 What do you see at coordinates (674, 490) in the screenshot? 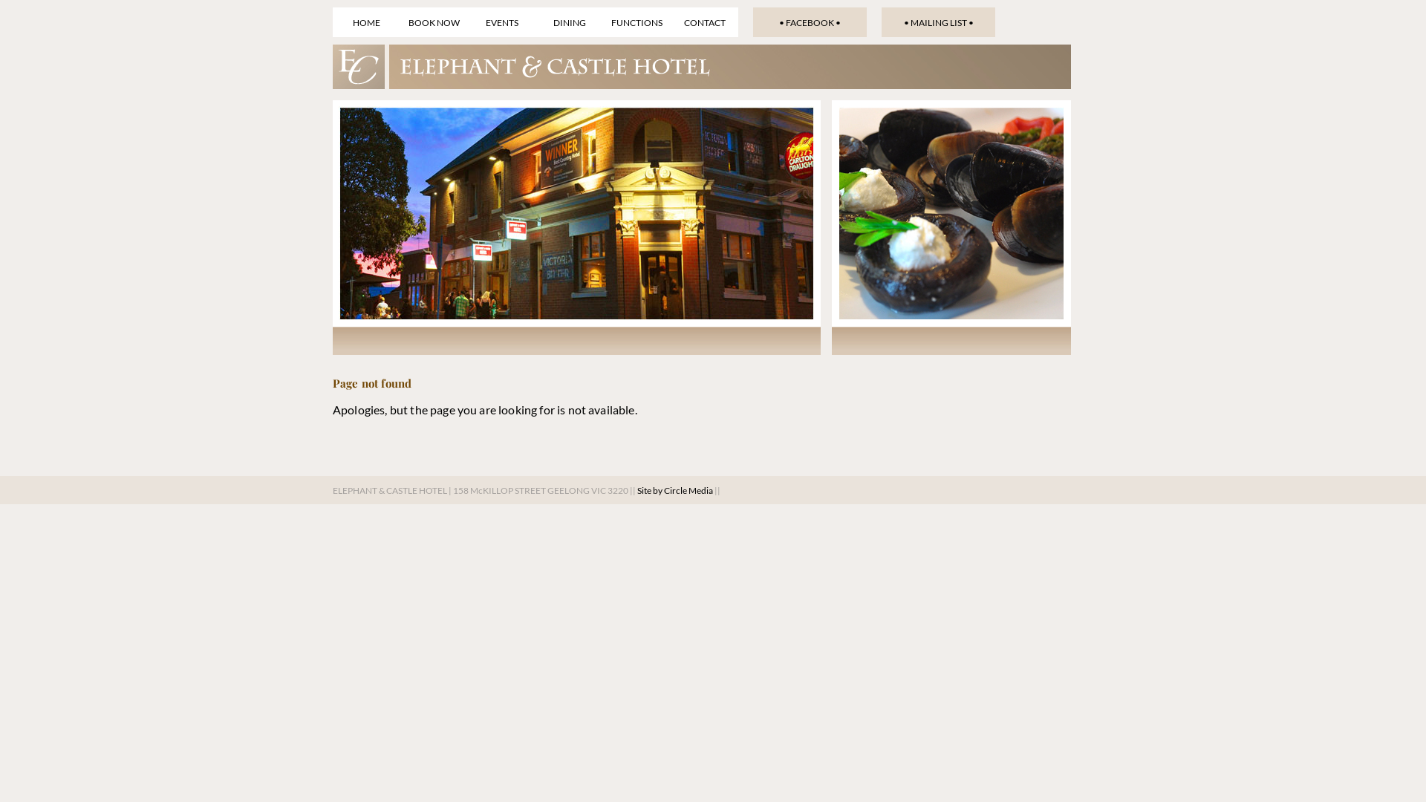
I see `'Site by Circle Media'` at bounding box center [674, 490].